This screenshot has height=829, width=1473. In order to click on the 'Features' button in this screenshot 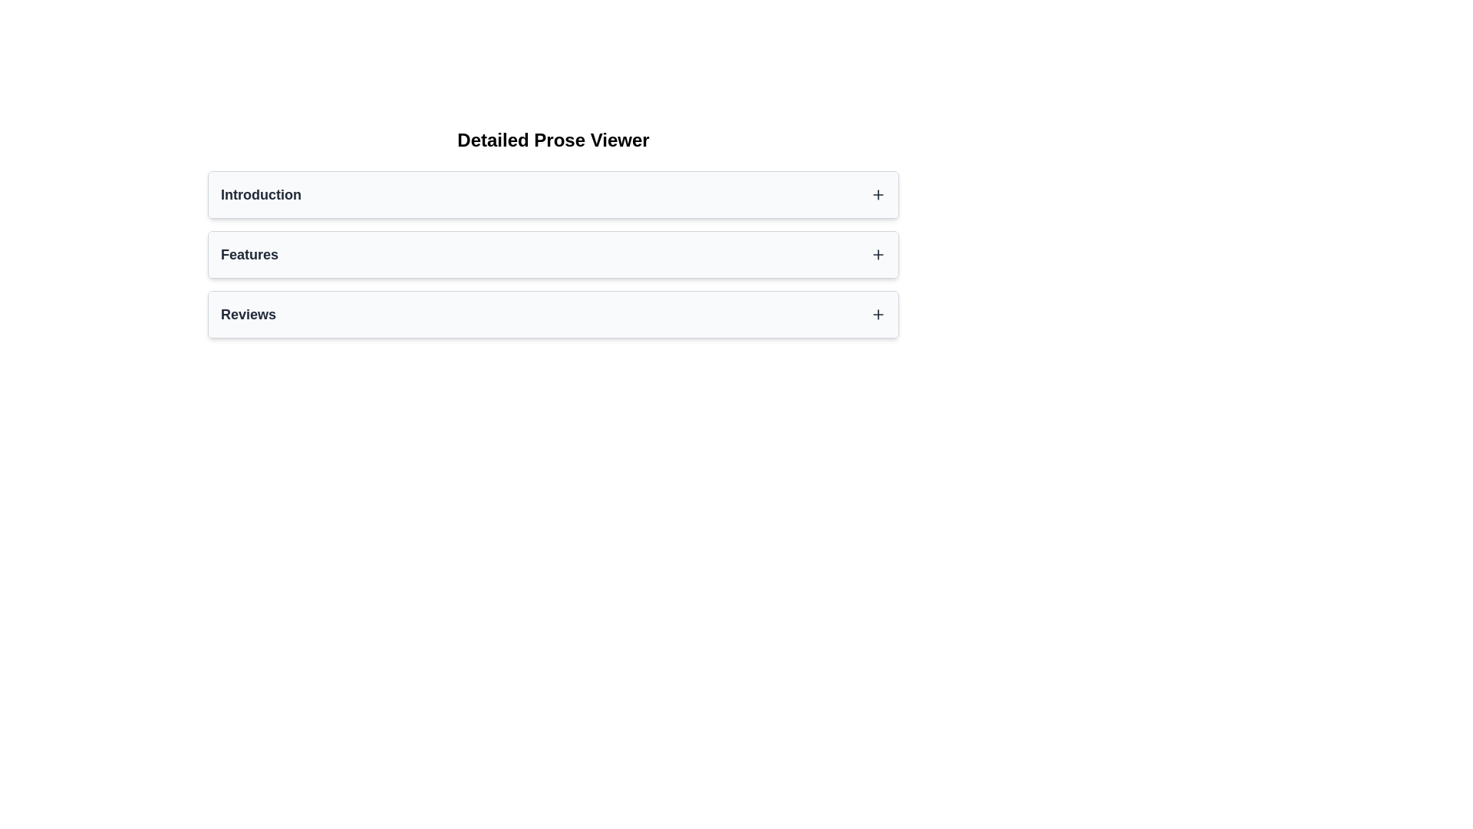, I will do `click(552, 253)`.